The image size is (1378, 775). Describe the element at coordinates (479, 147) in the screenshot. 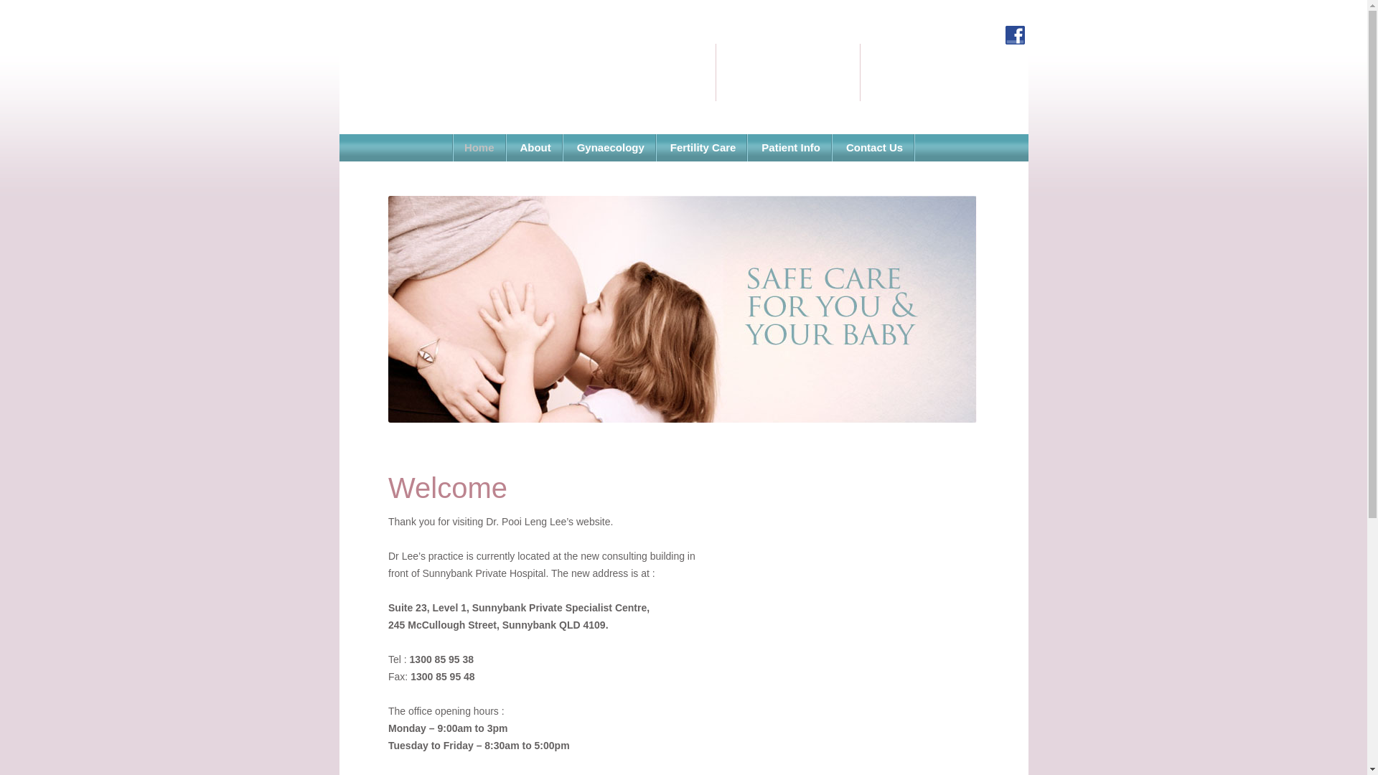

I see `'Home'` at that location.